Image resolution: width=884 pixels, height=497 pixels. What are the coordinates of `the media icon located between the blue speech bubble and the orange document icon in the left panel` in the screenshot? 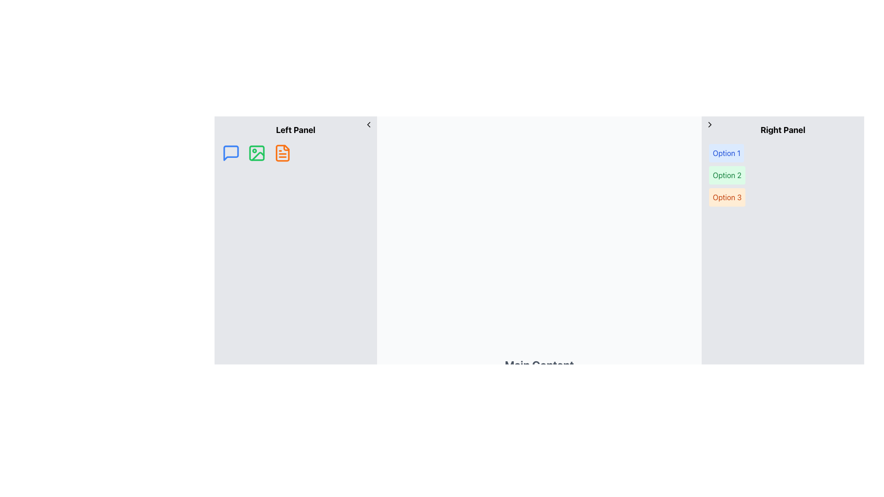 It's located at (256, 152).